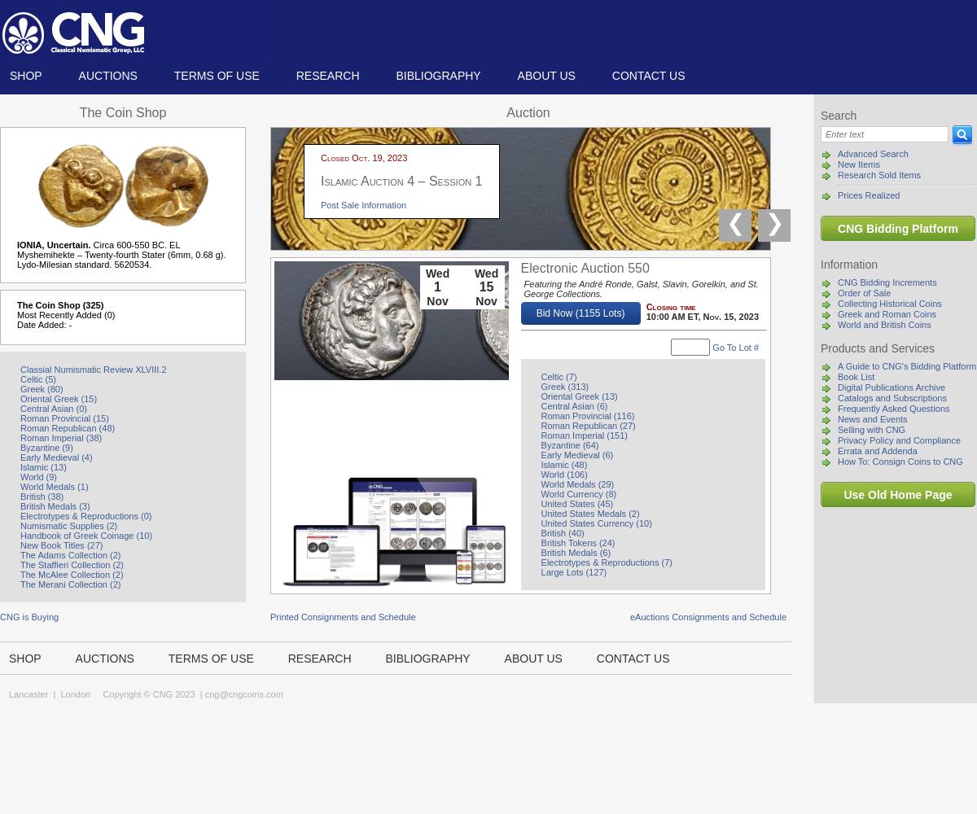 This screenshot has width=977, height=814. What do you see at coordinates (146, 694) in the screenshot?
I see `'Copyright © CNG 2023  |'` at bounding box center [146, 694].